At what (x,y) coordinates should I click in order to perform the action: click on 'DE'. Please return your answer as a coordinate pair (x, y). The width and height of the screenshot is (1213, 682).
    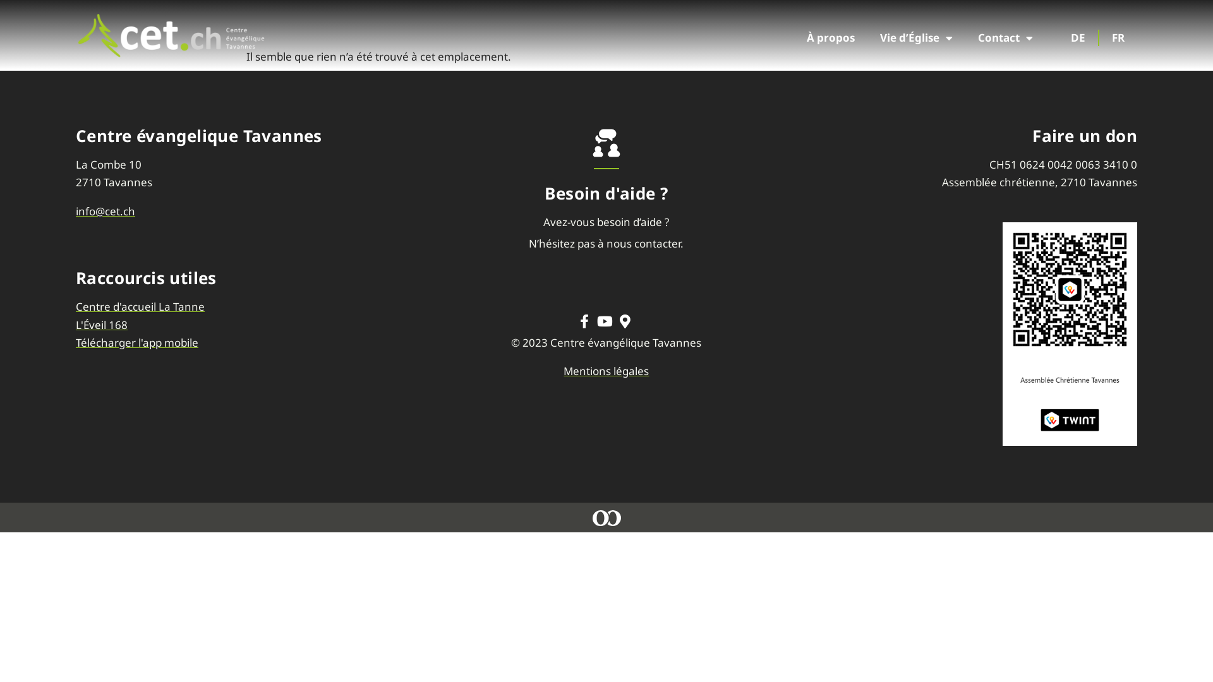
    Looking at the image, I should click on (1078, 37).